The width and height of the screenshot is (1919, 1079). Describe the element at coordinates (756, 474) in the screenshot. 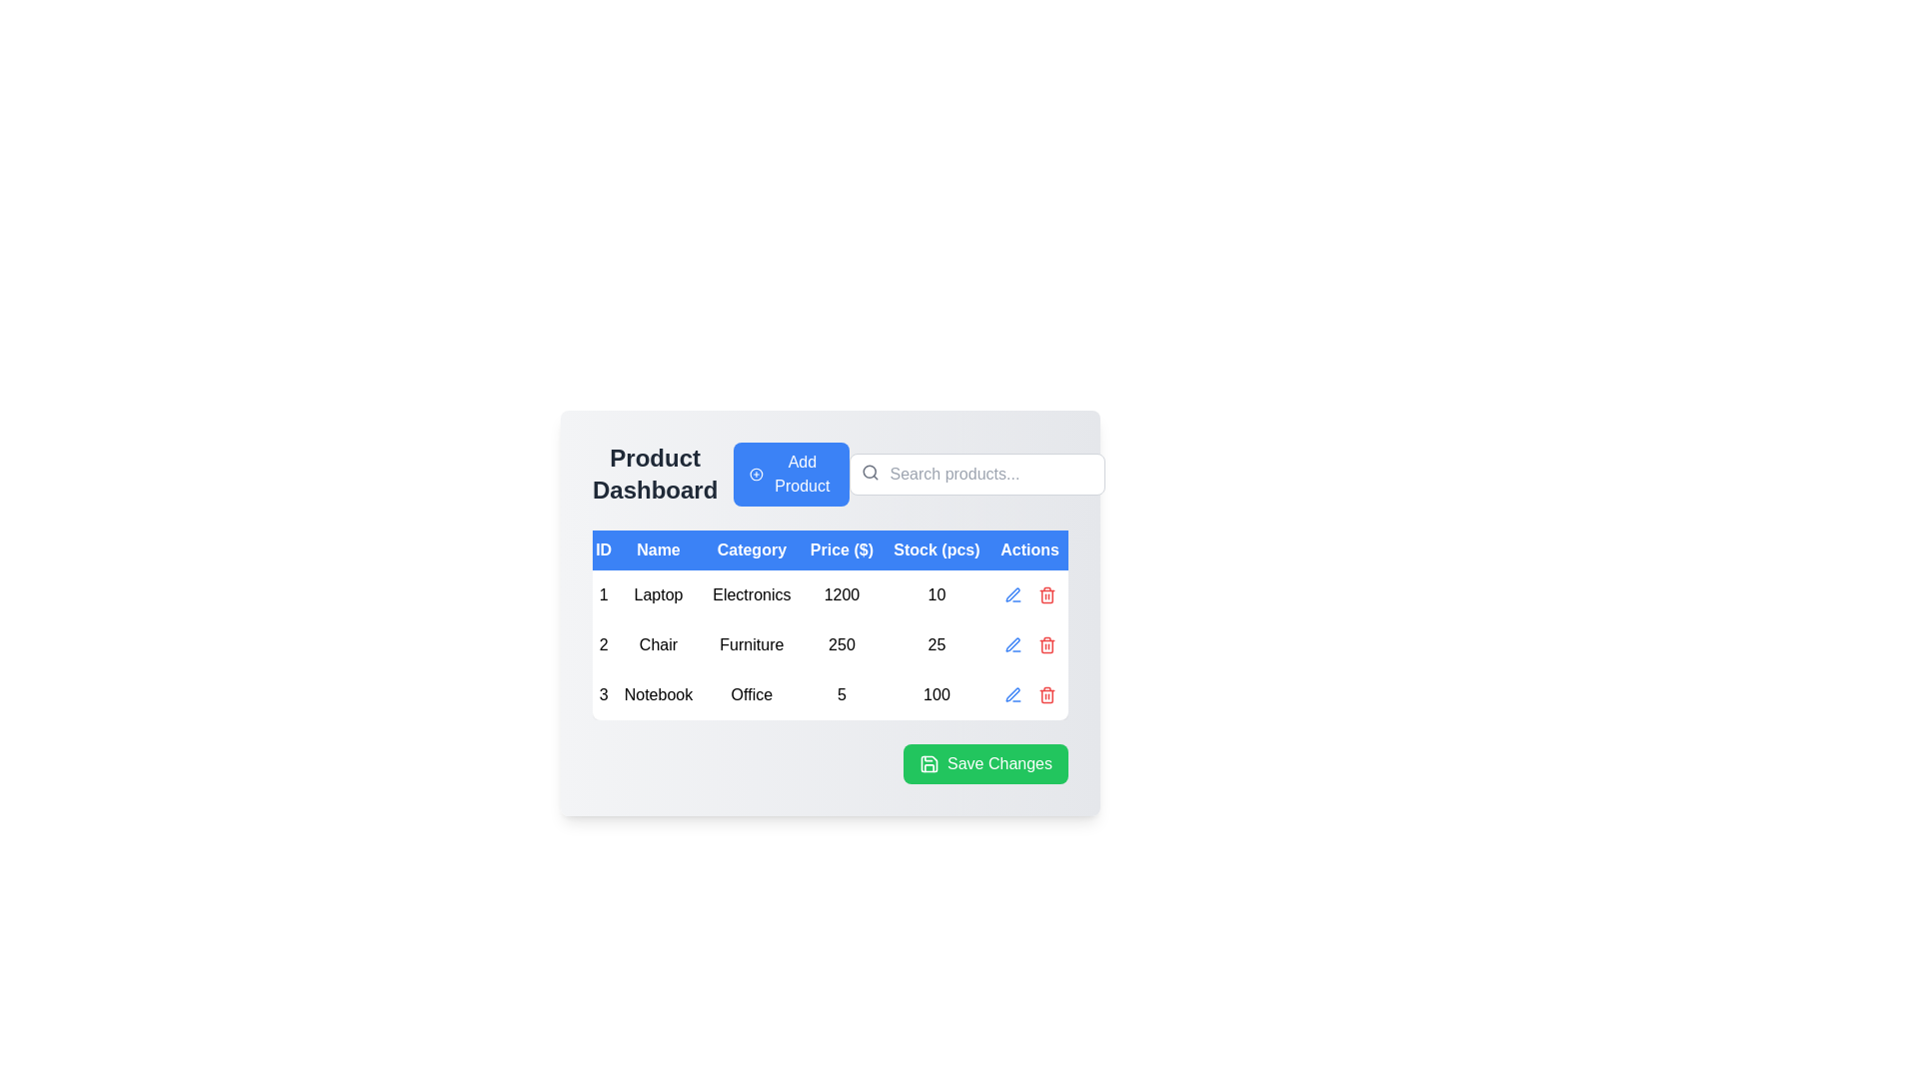

I see `the decorative SVG circle element next to the 'Add Product' text in the header section of the interface` at that location.